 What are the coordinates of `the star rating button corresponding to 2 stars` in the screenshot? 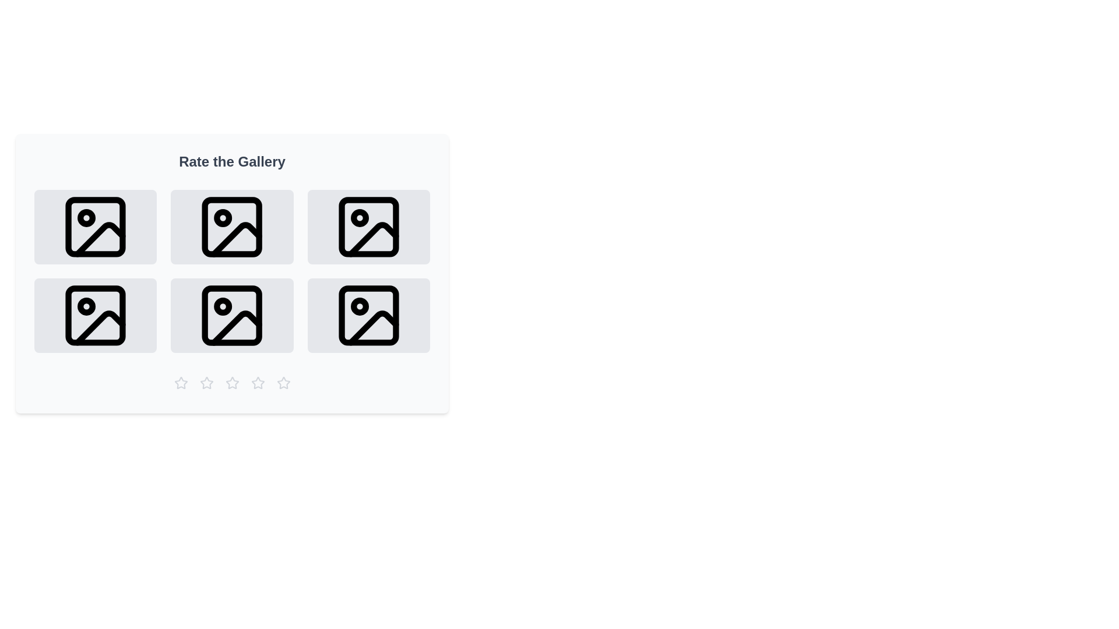 It's located at (206, 383).